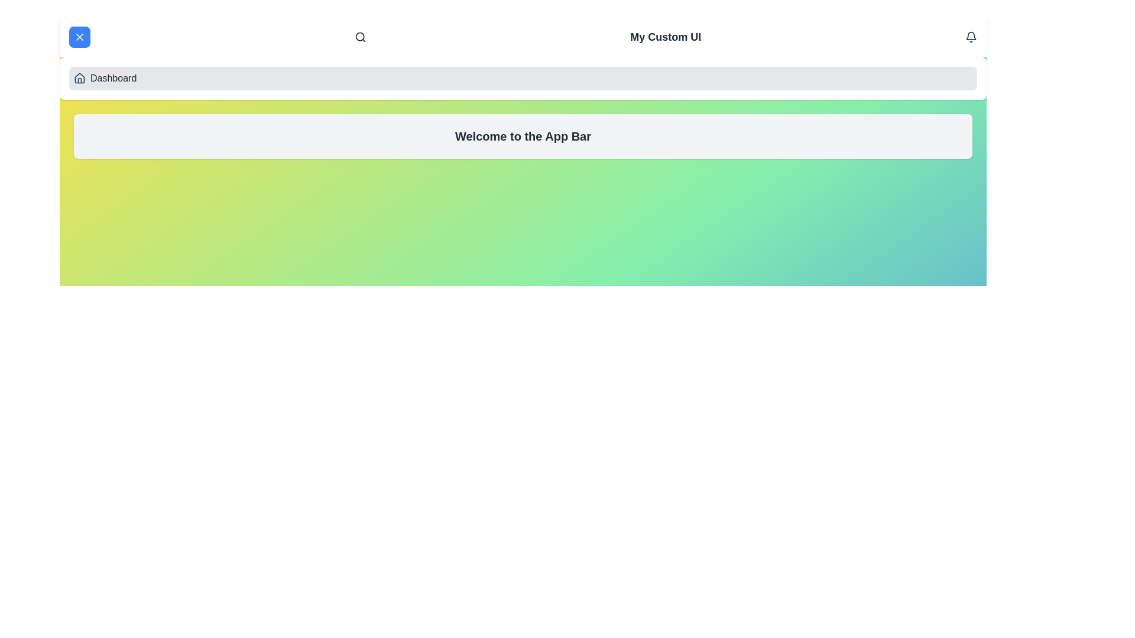  What do you see at coordinates (971, 36) in the screenshot?
I see `the bell notification icon` at bounding box center [971, 36].